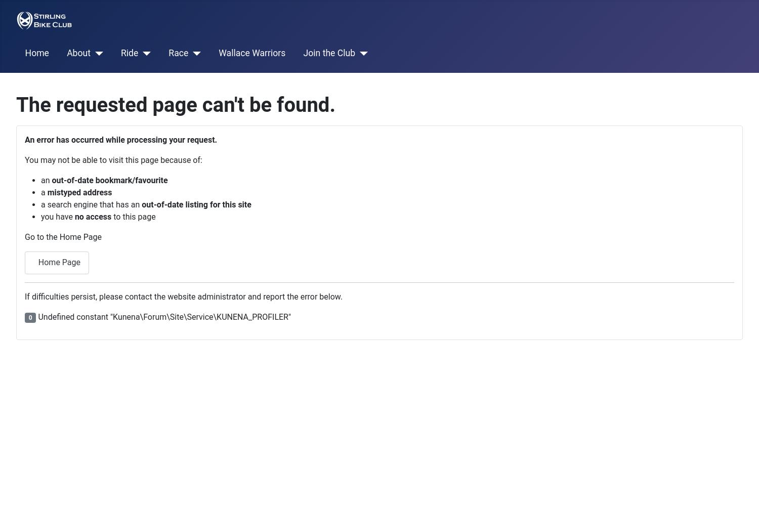 This screenshot has width=759, height=506. Describe the element at coordinates (120, 139) in the screenshot. I see `'An error has occurred while processing your request.'` at that location.